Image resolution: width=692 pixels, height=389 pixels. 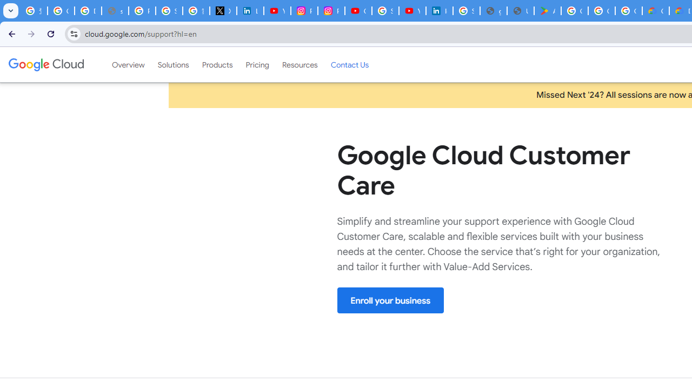 What do you see at coordinates (601, 11) in the screenshot?
I see `'Google Workspace - Specific Terms'` at bounding box center [601, 11].